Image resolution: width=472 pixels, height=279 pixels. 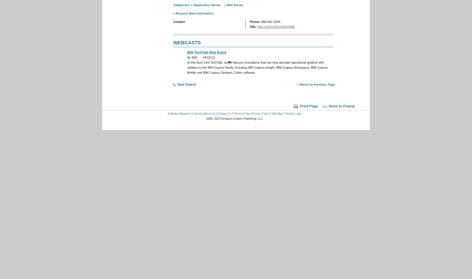 What do you see at coordinates (197, 114) in the screenshot?
I see `'Home'` at bounding box center [197, 114].